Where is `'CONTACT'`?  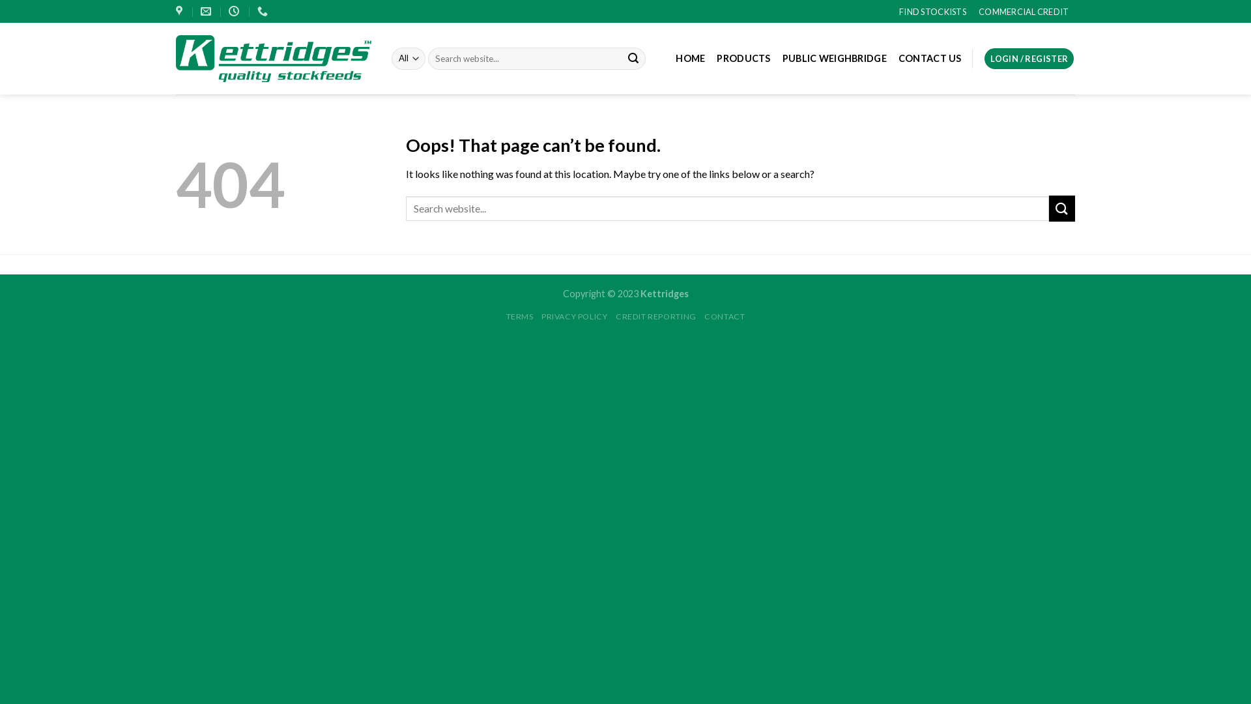
'CONTACT' is located at coordinates (724, 316).